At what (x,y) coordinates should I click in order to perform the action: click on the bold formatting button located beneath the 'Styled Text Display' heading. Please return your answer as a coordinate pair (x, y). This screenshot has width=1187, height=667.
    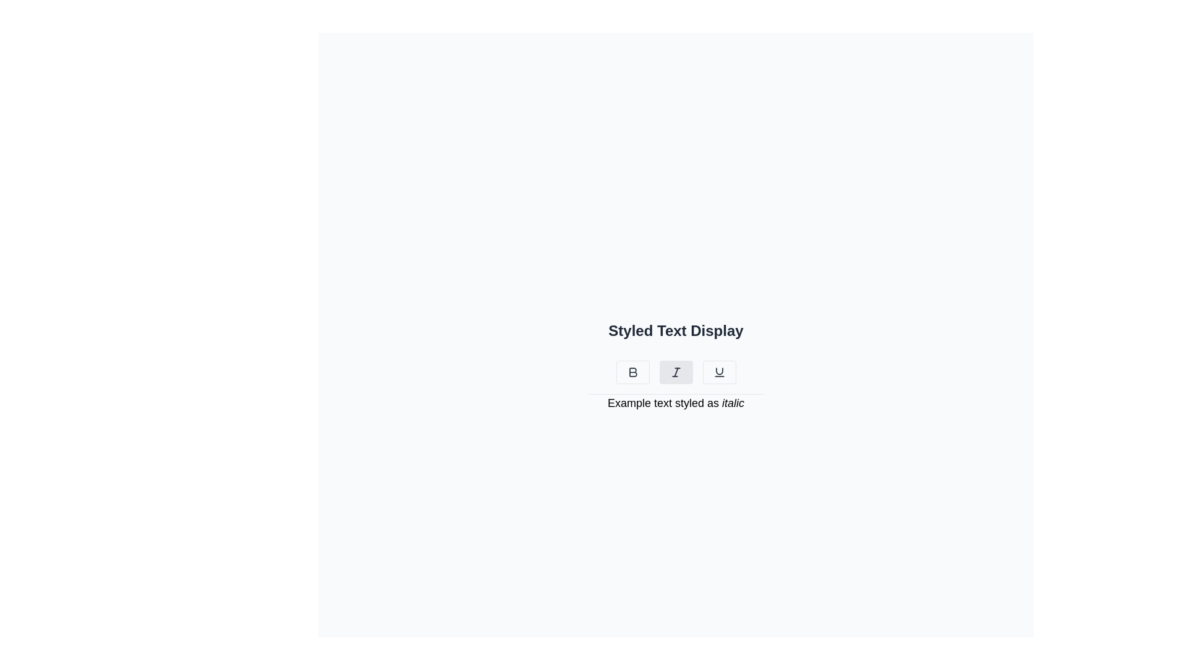
    Looking at the image, I should click on (632, 371).